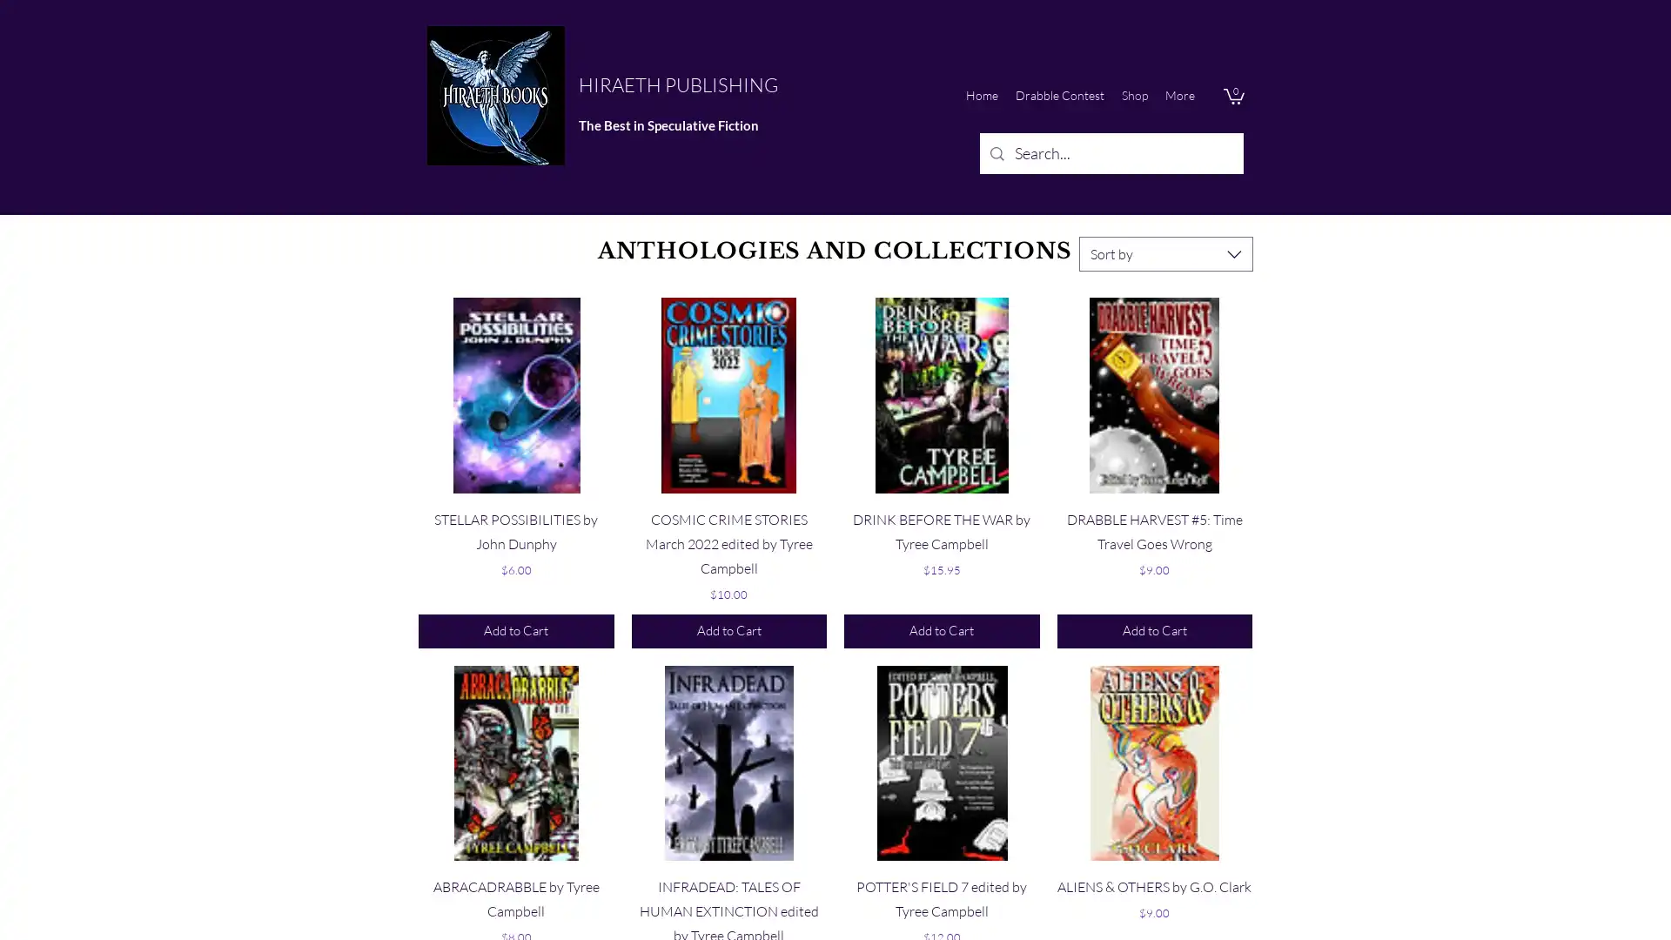 This screenshot has height=940, width=1671. Describe the element at coordinates (515, 883) in the screenshot. I see `Quick View` at that location.